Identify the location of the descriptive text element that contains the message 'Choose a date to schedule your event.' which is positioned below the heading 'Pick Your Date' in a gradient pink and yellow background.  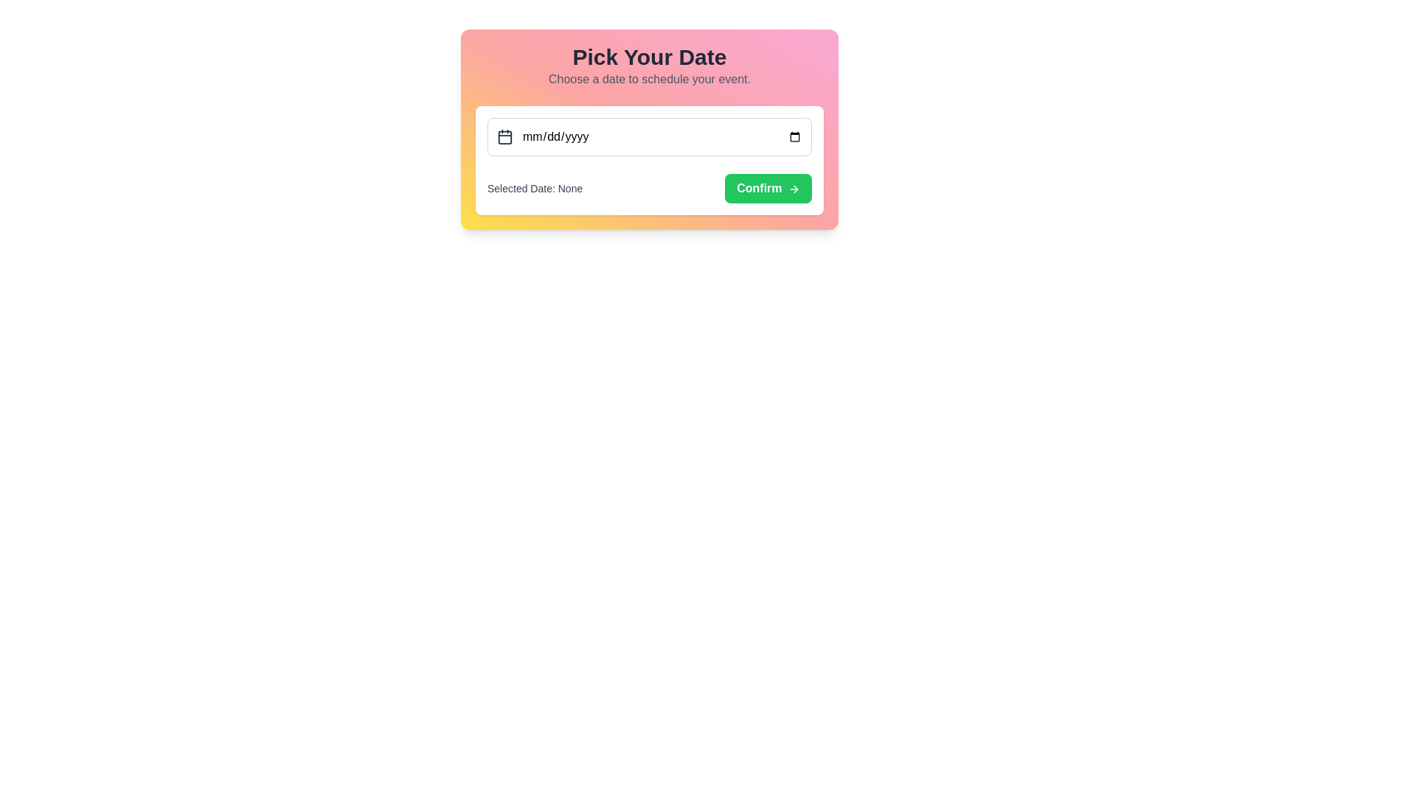
(649, 80).